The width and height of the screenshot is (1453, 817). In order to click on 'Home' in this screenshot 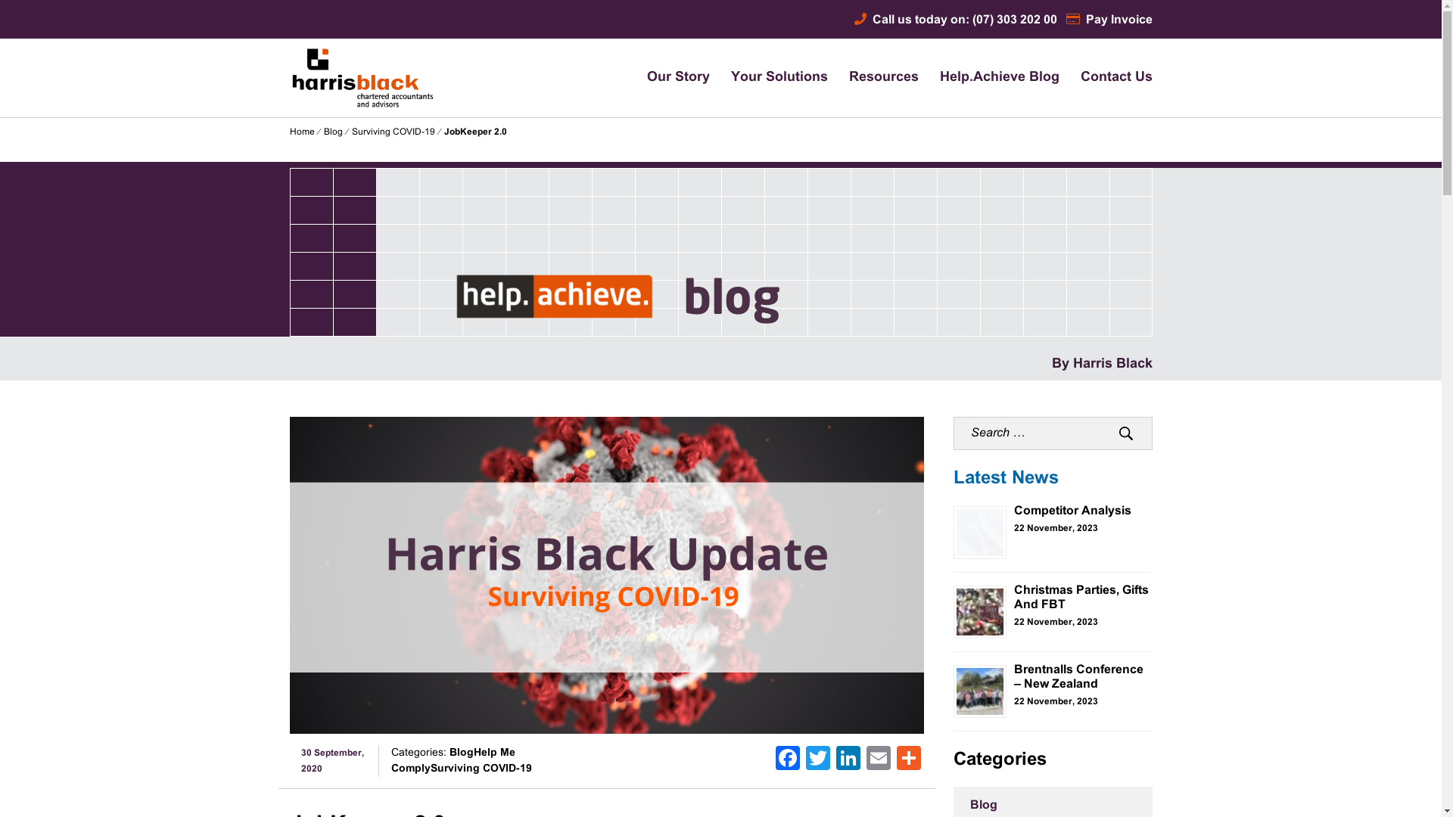, I will do `click(301, 131)`.